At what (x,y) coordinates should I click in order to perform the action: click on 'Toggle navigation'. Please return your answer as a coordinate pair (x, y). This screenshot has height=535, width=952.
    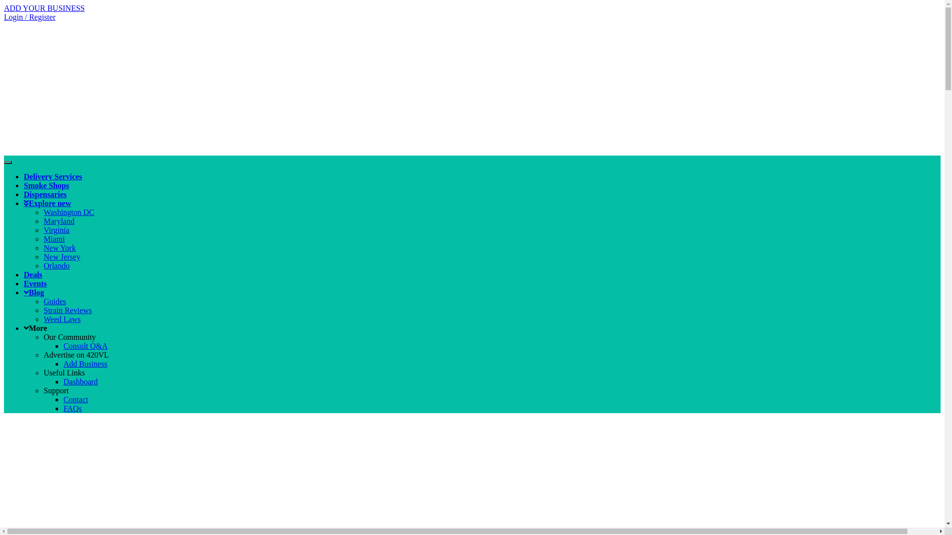
    Looking at the image, I should click on (7, 161).